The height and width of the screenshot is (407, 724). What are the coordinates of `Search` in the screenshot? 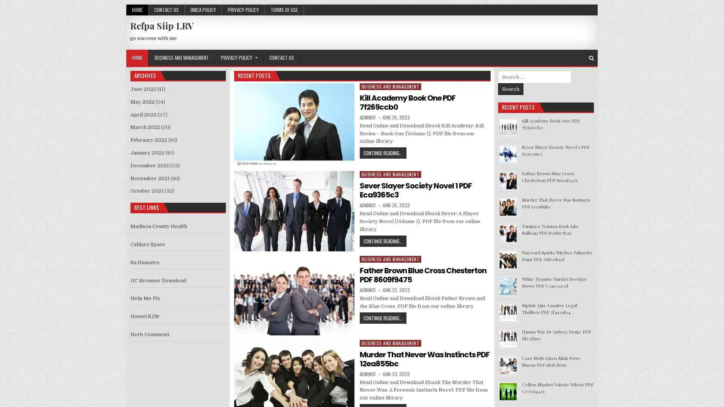 It's located at (511, 89).